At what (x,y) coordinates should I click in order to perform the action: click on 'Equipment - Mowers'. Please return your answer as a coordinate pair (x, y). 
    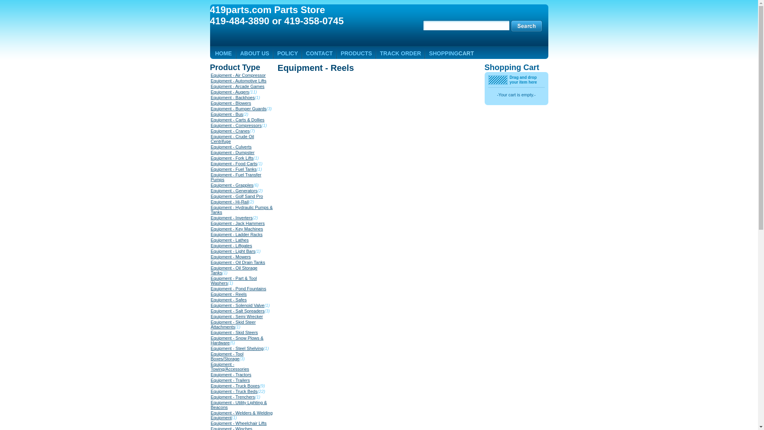
    Looking at the image, I should click on (210, 256).